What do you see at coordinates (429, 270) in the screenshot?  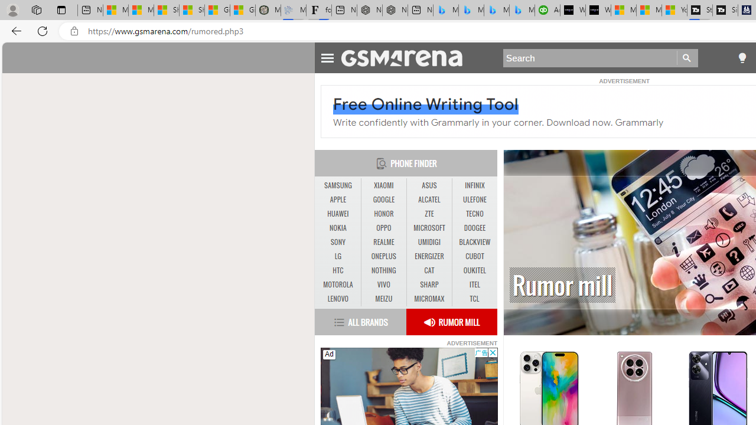 I see `'CAT'` at bounding box center [429, 270].